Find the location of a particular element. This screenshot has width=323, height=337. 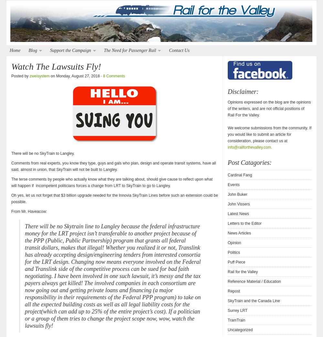

'Comments from real experts, you know they type, guys and gals who plan, design and operate transit systems, have all said, almost in union, that SkyTrain will not be built to Langley.' is located at coordinates (113, 166).